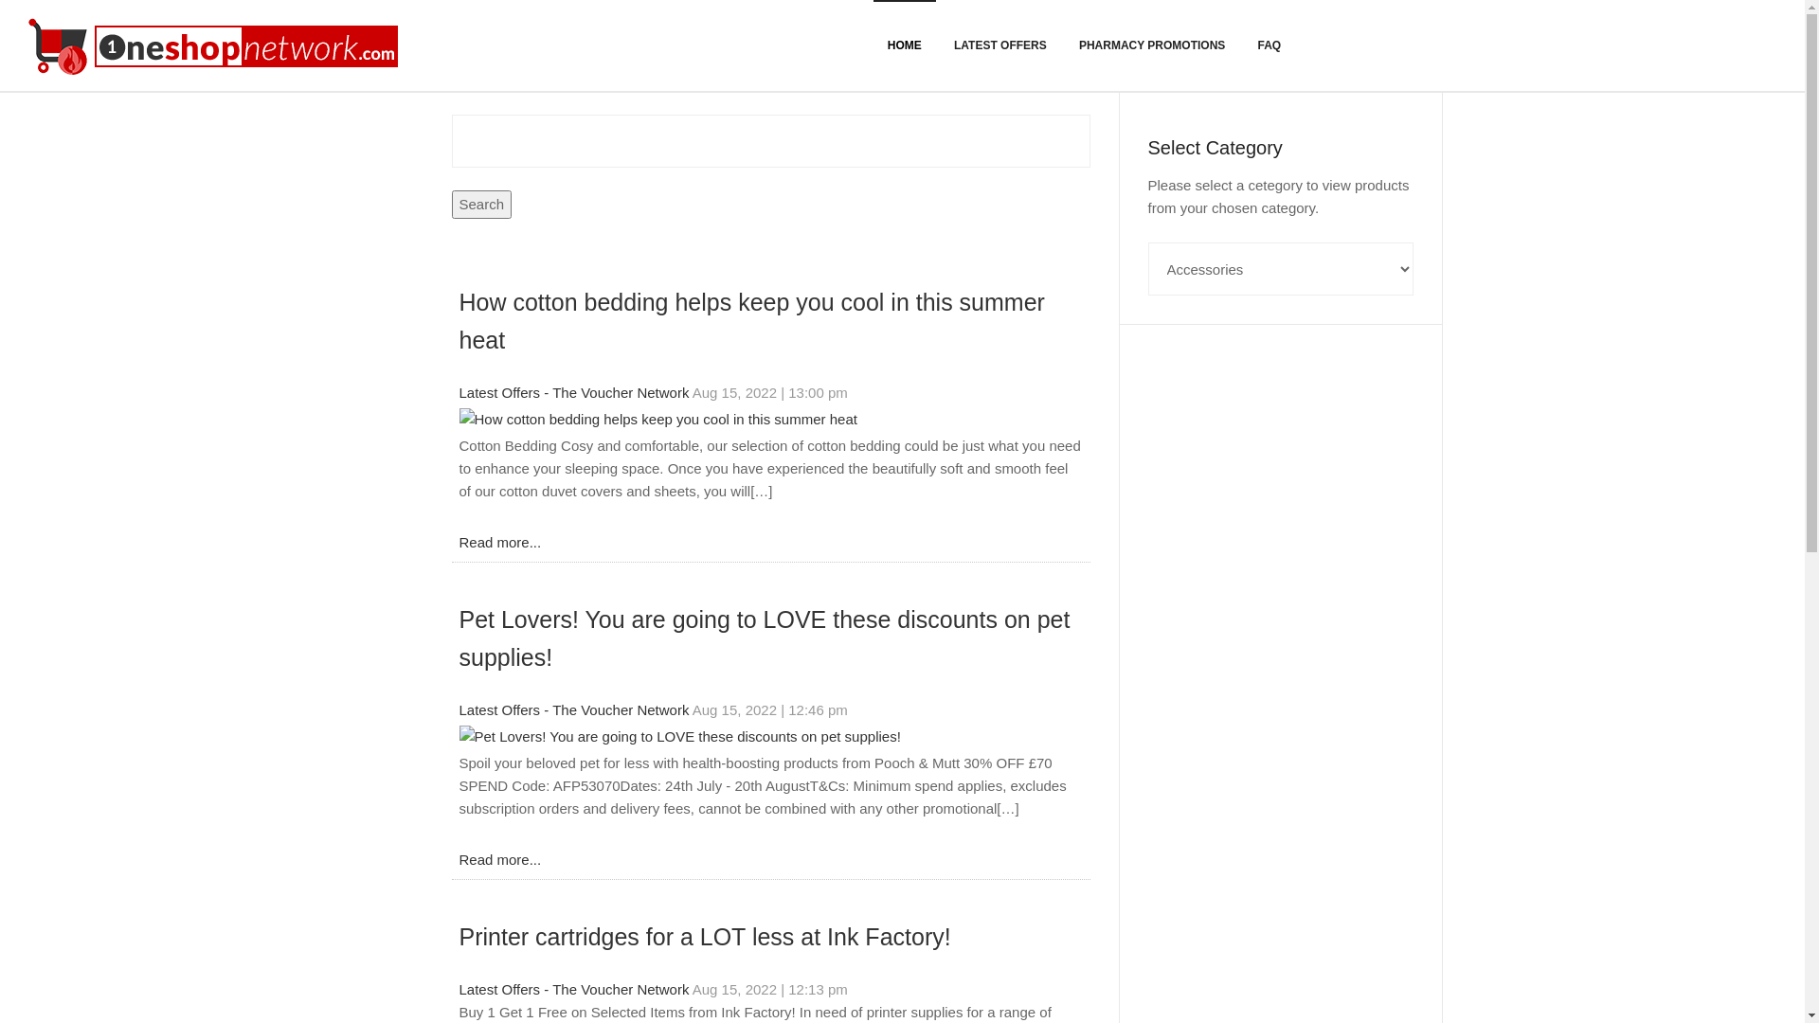  What do you see at coordinates (940, 44) in the screenshot?
I see `'LATEST OFFERS'` at bounding box center [940, 44].